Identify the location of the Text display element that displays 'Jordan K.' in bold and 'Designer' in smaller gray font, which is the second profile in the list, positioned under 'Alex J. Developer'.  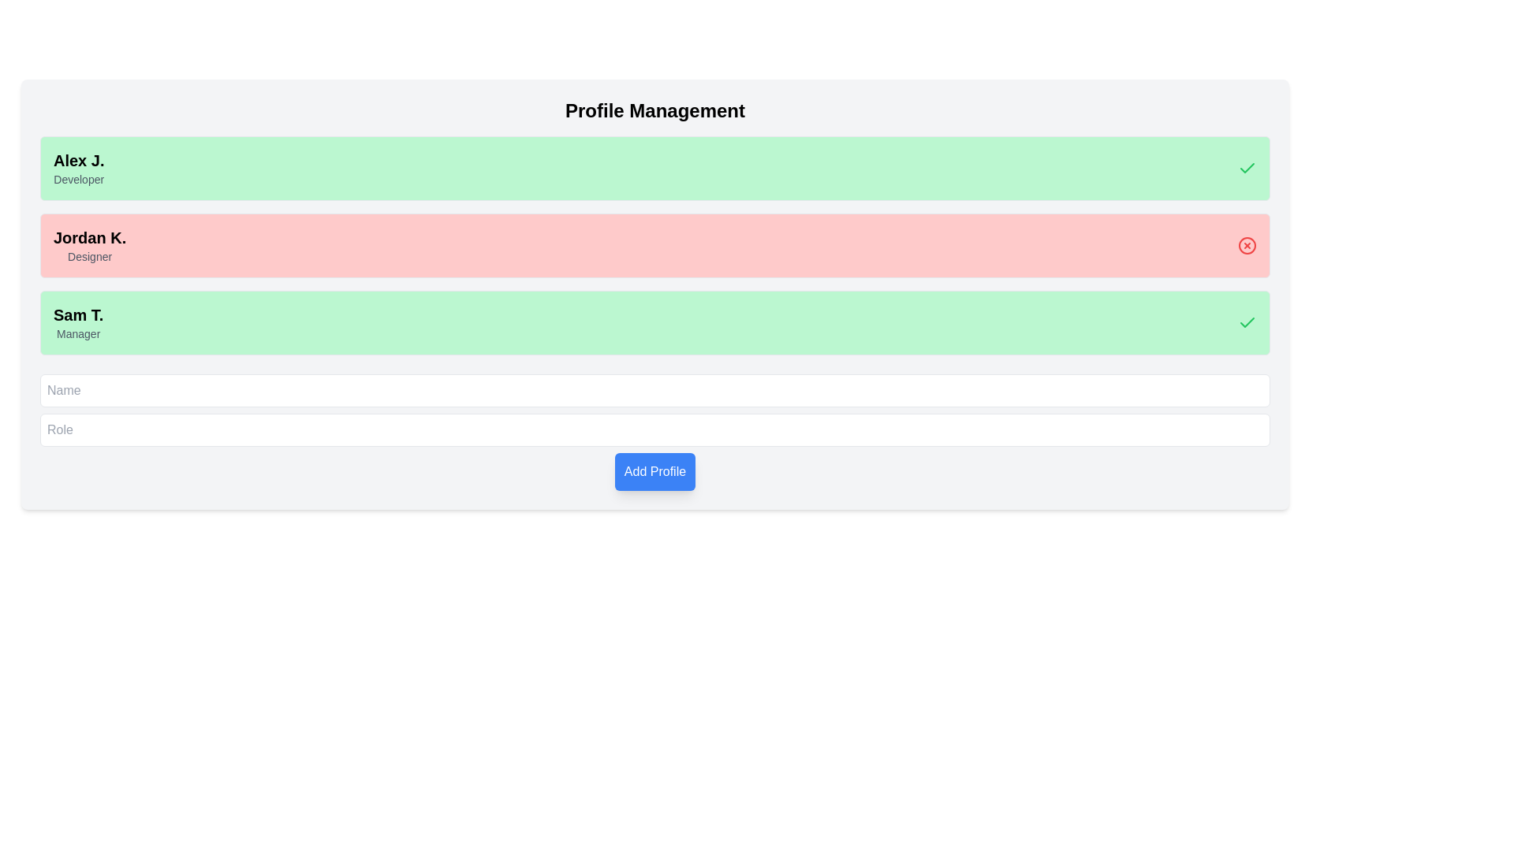
(89, 246).